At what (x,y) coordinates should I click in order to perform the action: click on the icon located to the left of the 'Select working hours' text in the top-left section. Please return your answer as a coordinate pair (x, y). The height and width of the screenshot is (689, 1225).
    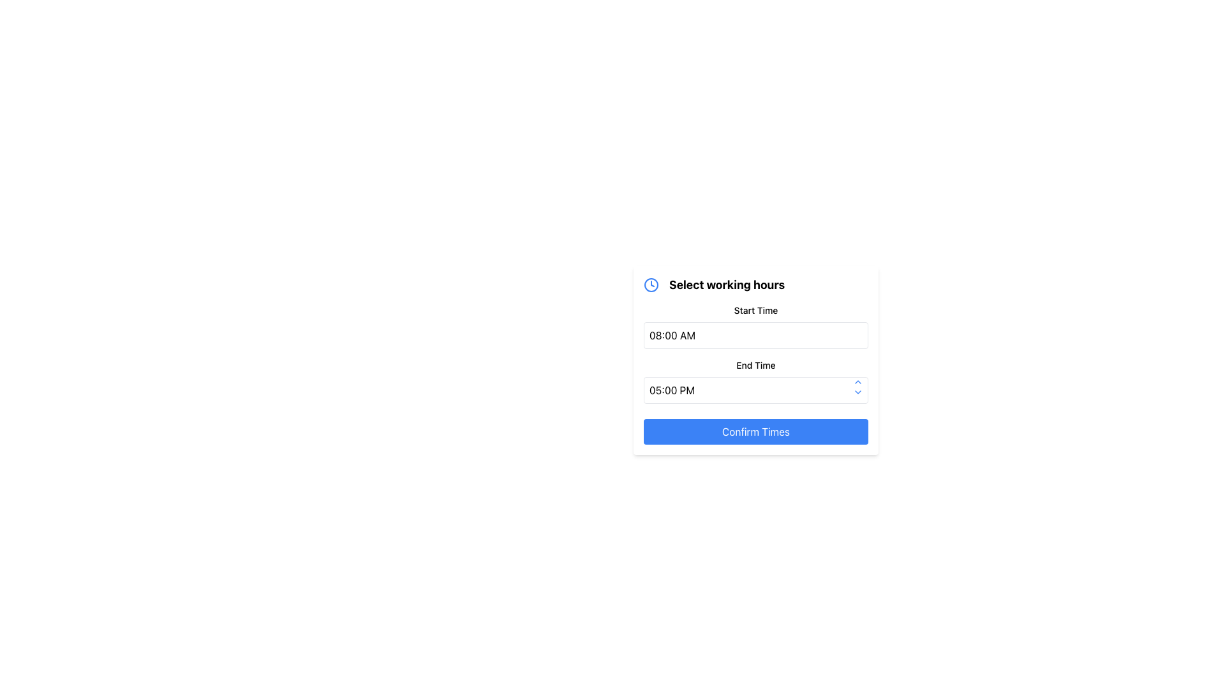
    Looking at the image, I should click on (651, 285).